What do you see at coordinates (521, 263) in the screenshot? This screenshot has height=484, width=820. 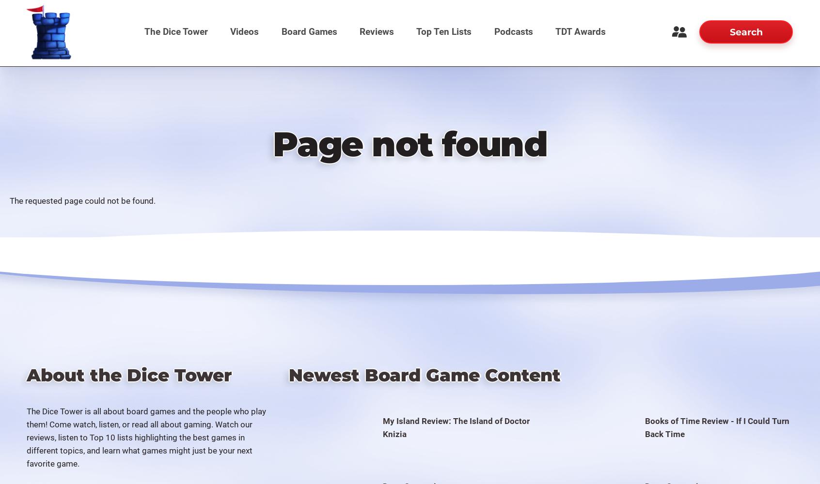 I see `'The Dice Tower Awards 2010'` at bounding box center [521, 263].